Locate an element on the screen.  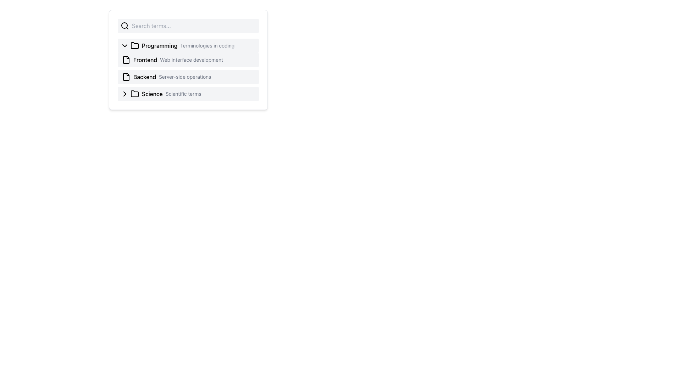
the textual block that displays descriptive titles and details for 'Frontend' and 'Backend', located in the section titled 'Programming Terminologies in coding' is located at coordinates (188, 68).